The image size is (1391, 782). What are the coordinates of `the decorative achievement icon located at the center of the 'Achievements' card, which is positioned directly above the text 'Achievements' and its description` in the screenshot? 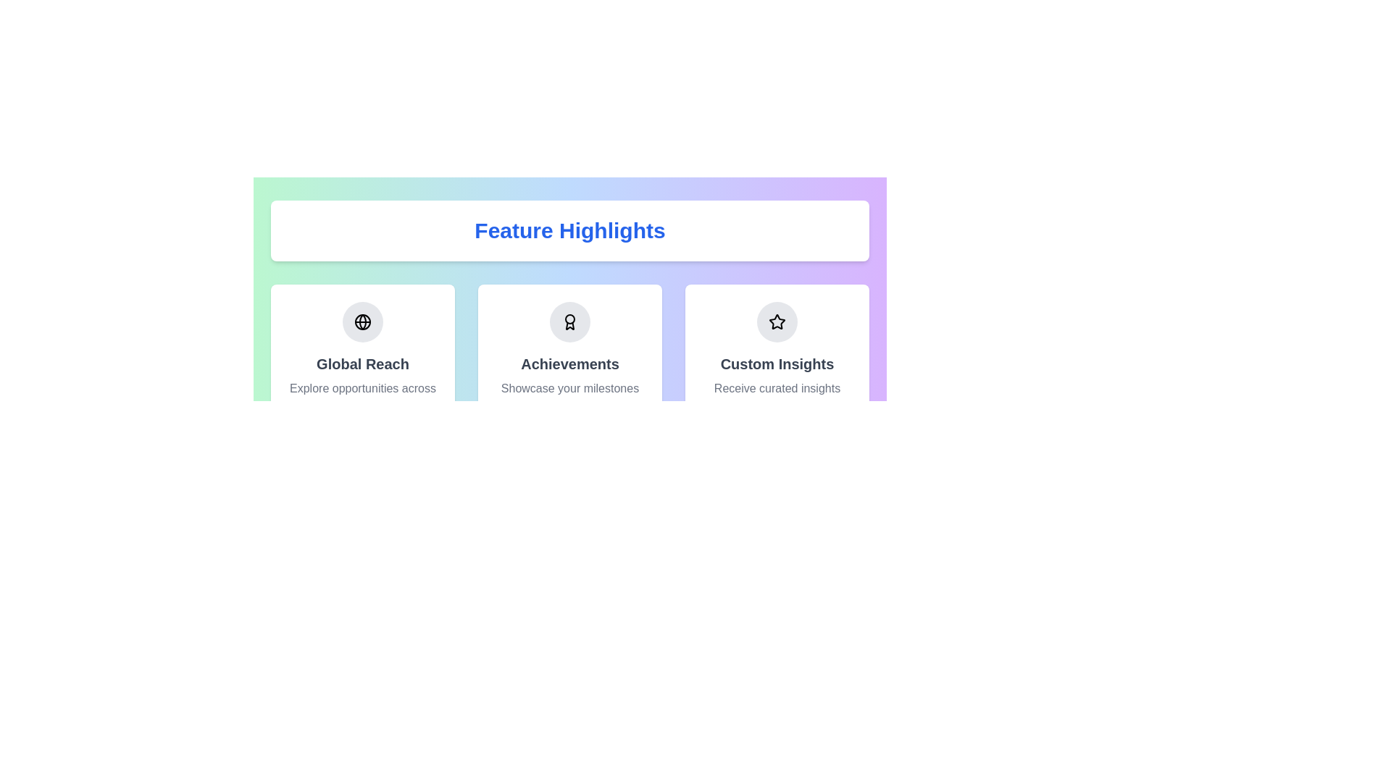 It's located at (569, 321).